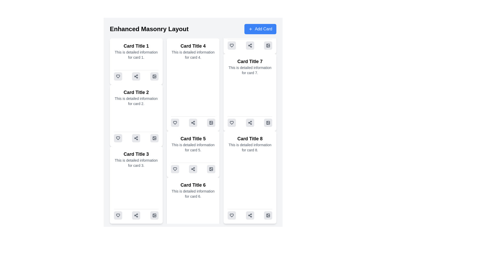 The height and width of the screenshot is (278, 495). I want to click on the square button with a gray background and a picture frame icon located near the bottom-right corner of 'Card Title 8', which is the third button in a horizontal row of three buttons, so click(268, 123).